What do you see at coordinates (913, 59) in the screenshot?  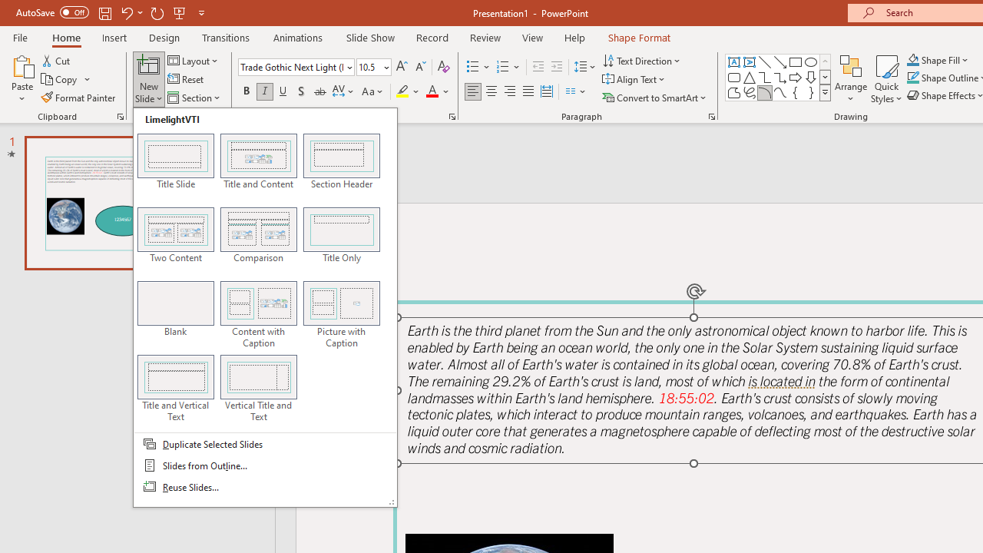 I see `'Shape Fill Aqua, Accent 2'` at bounding box center [913, 59].